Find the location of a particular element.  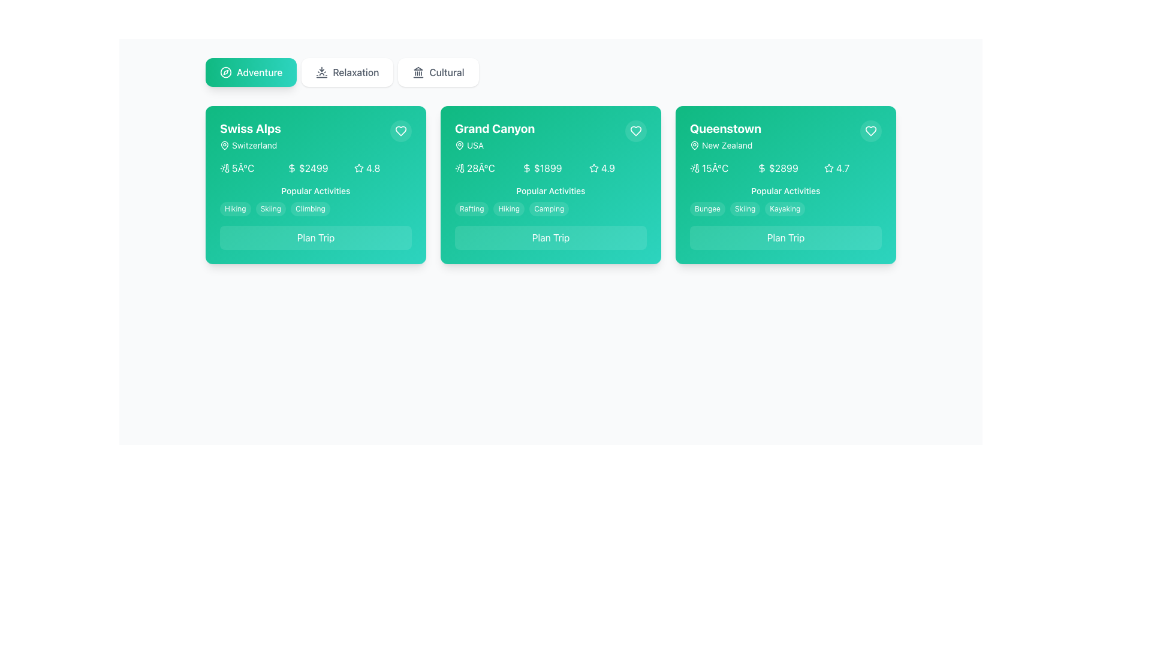

the star rating icon located to the left of the numeric rating text '4.8' in the top-right portion of the 'Swiss Alps' card layout is located at coordinates (358, 168).